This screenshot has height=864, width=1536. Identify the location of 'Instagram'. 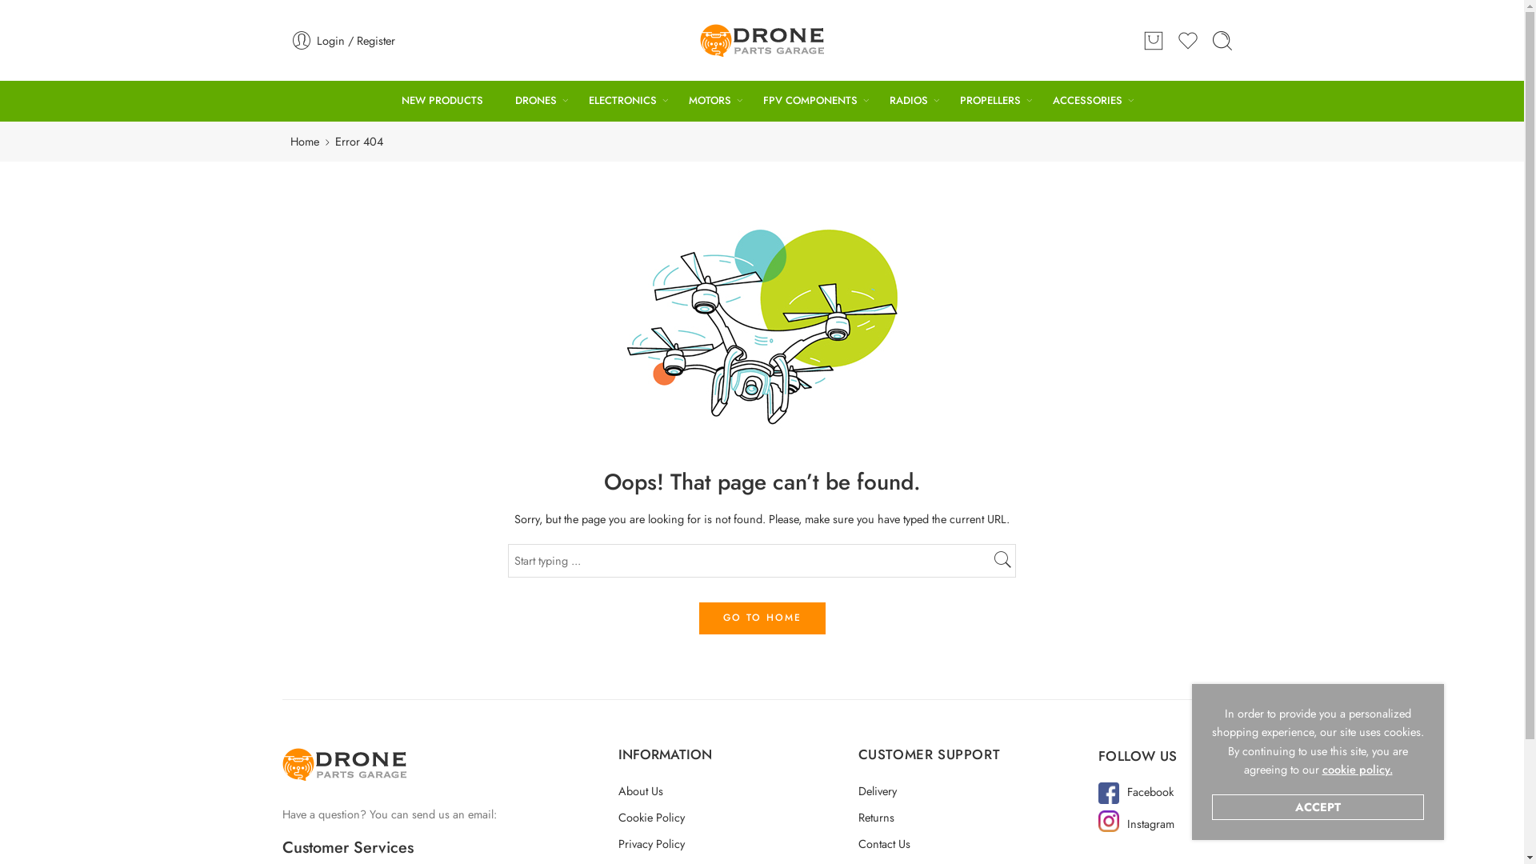
(1150, 823).